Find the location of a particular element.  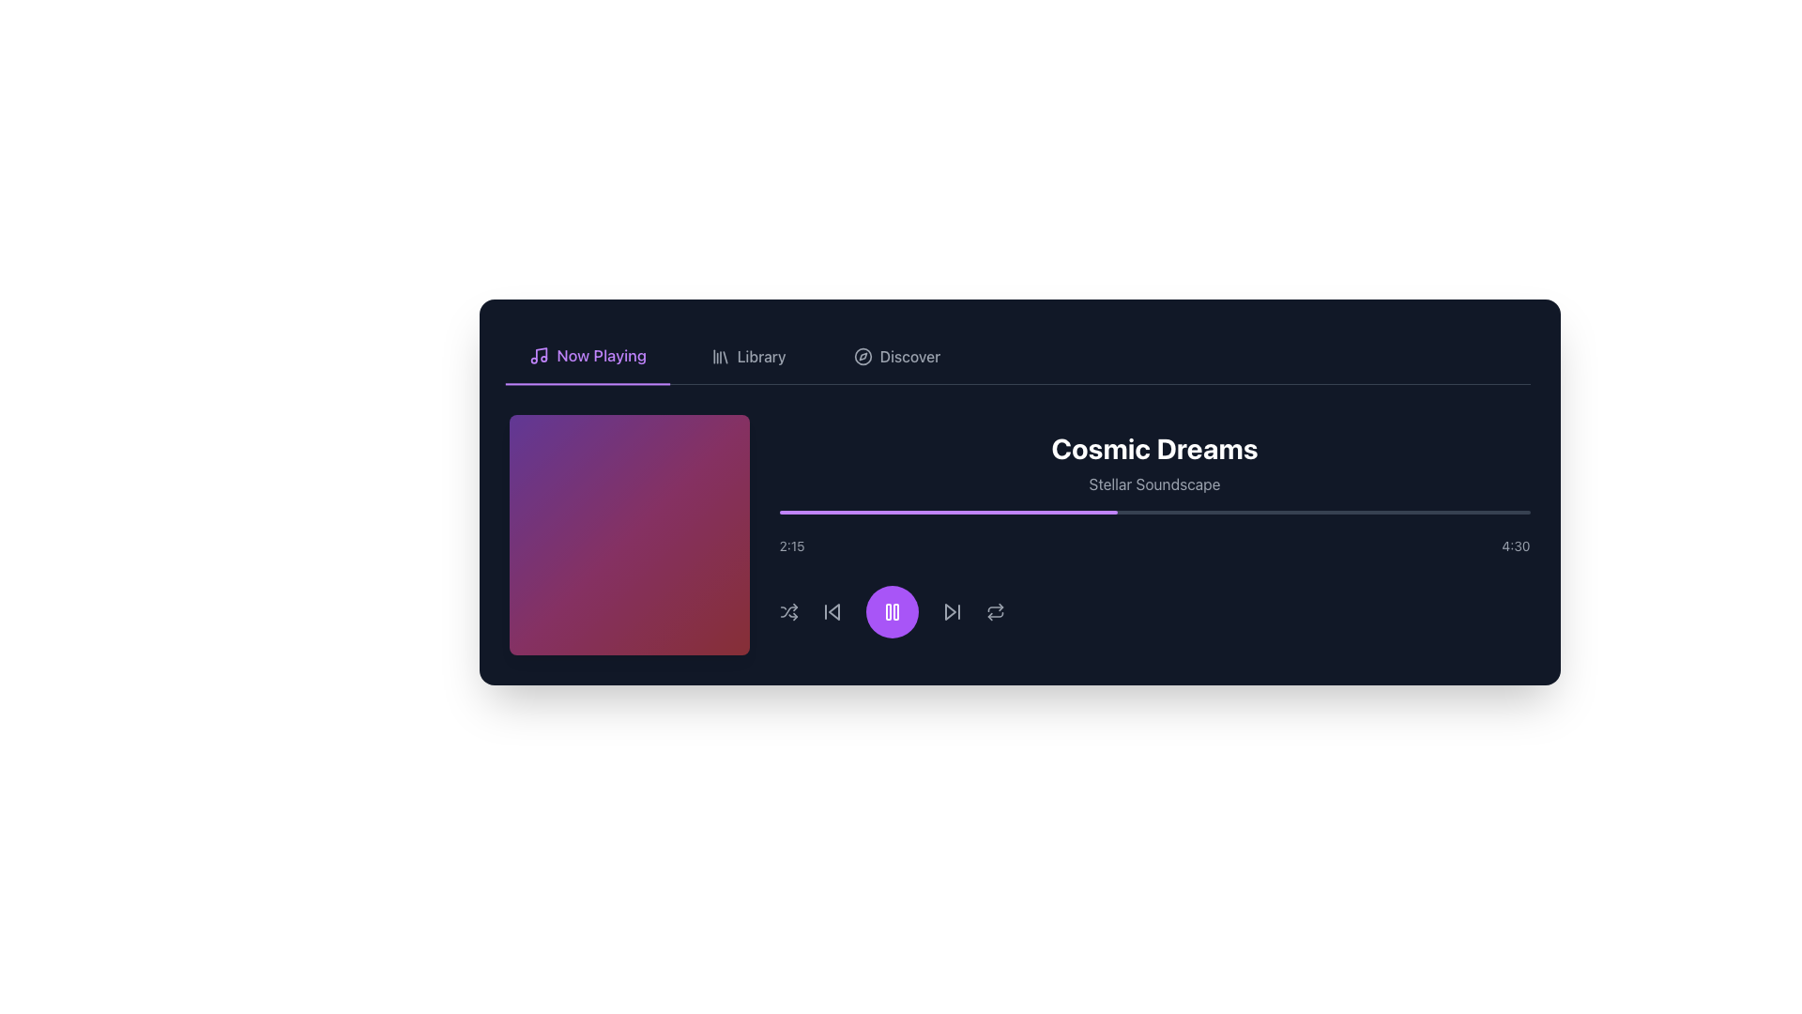

the 'skip back' icon button, which is a muted grey button with a triangle and vertical line SVG icon, located as the second button from the left in the media controls at the bottom center of the interface is located at coordinates (831, 611).